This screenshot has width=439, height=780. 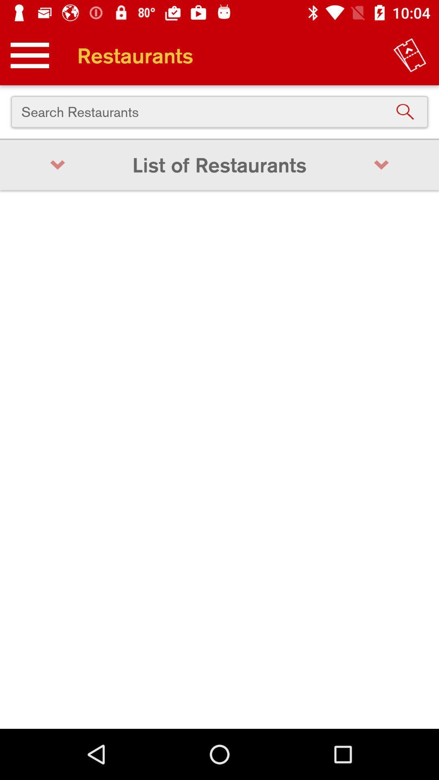 What do you see at coordinates (410, 55) in the screenshot?
I see `app next to the restaurants item` at bounding box center [410, 55].